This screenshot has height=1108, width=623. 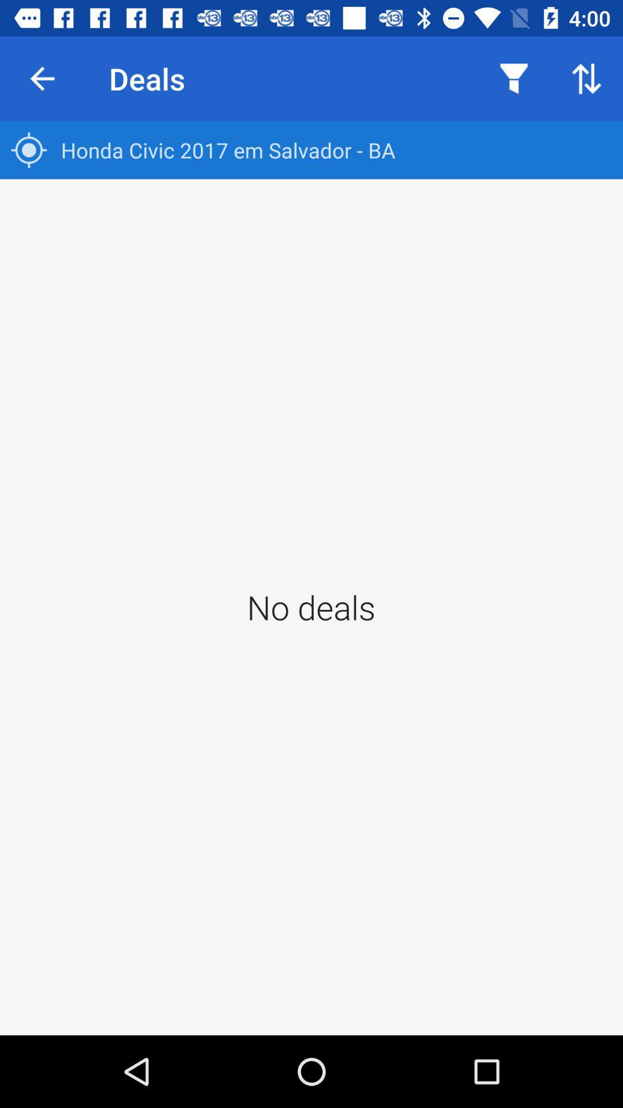 I want to click on honda civic 2017, so click(x=311, y=149).